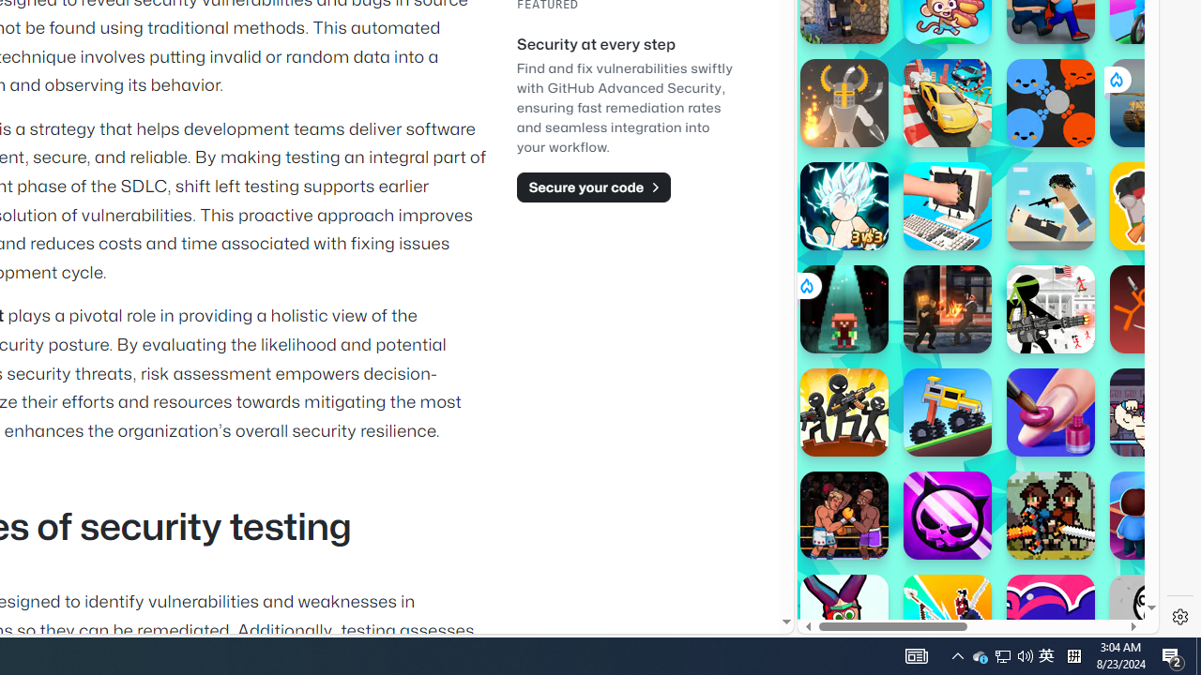  Describe the element at coordinates (843, 411) in the screenshot. I see `'Stick Defenders'` at that location.